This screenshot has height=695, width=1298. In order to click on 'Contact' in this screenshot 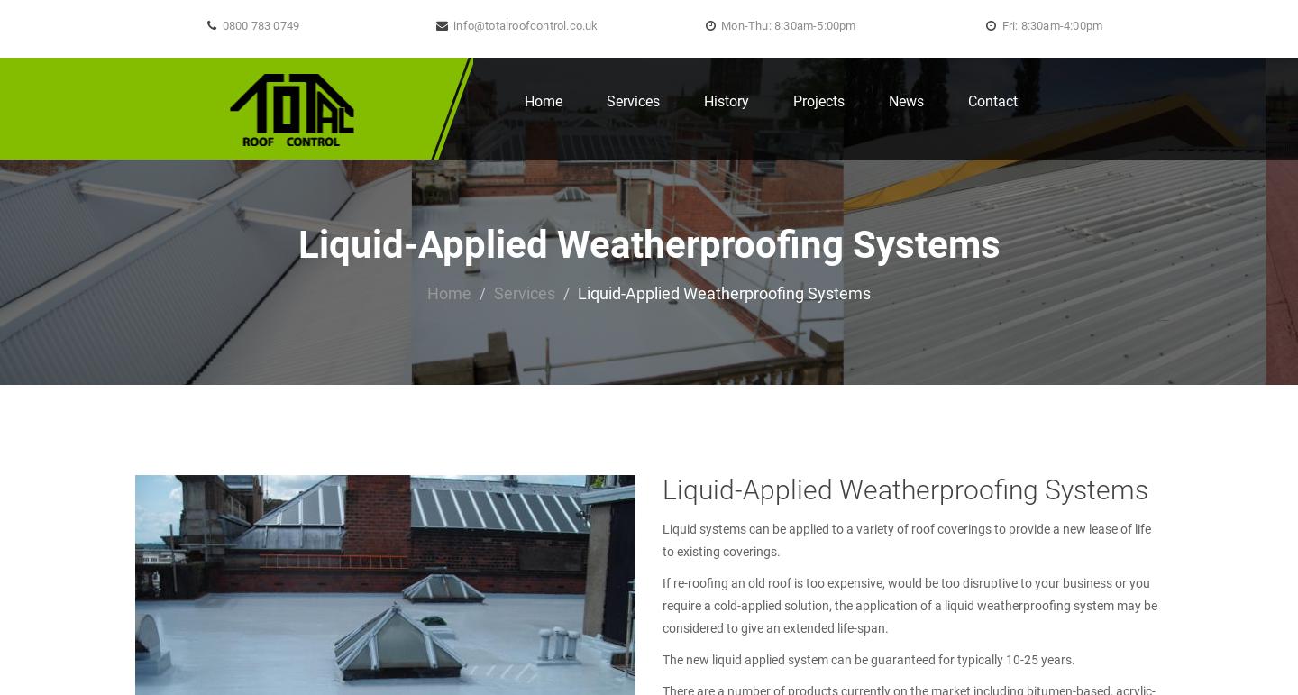, I will do `click(992, 100)`.